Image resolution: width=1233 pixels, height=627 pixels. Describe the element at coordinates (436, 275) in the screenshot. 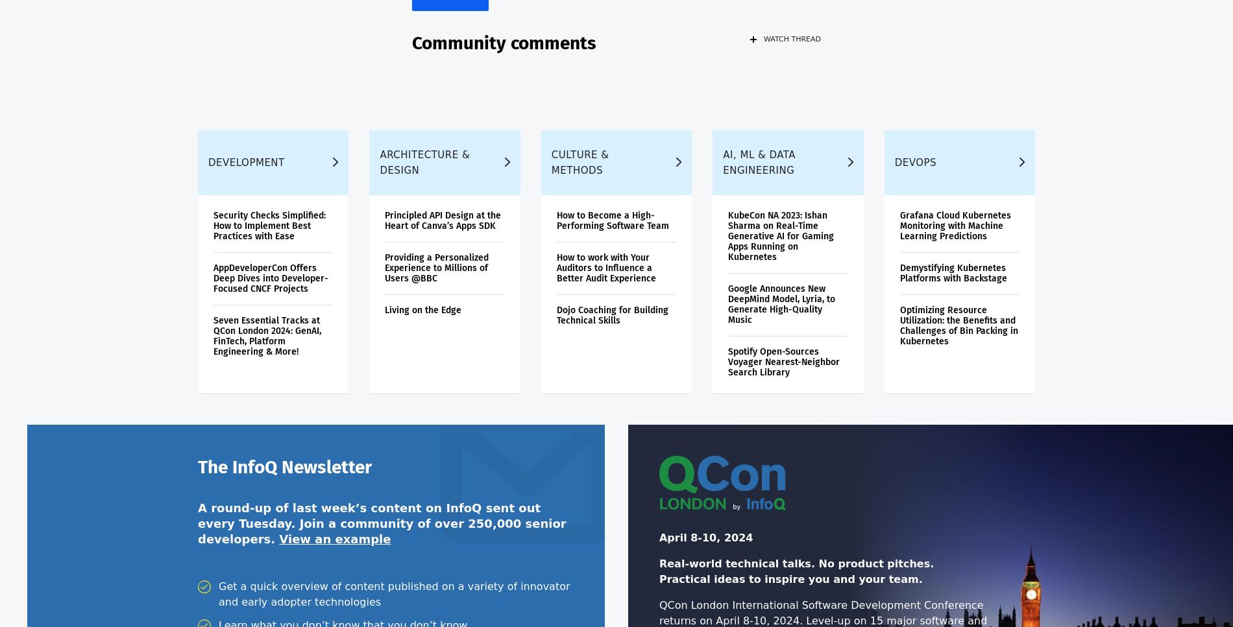

I see `'Providing a Personalized Experience to Millions of Users @BBC'` at that location.